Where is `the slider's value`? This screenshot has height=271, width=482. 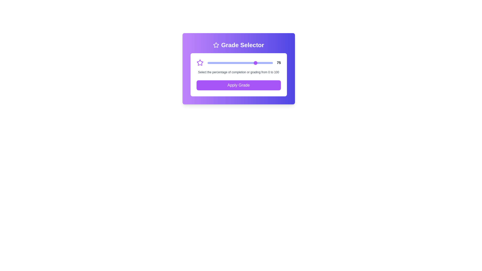
the slider's value is located at coordinates (264, 62).